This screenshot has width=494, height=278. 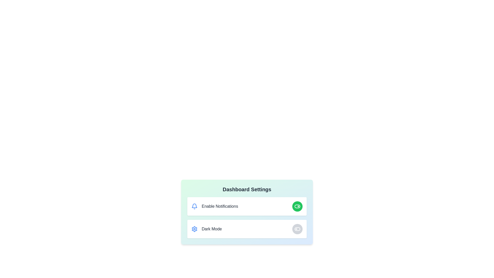 I want to click on the Toggle switch background located to the right of the 'Enable Notifications' label in the 'Dashboard Settings' section, which visually indicates the enabled or disabled state of the toggle, so click(x=297, y=206).